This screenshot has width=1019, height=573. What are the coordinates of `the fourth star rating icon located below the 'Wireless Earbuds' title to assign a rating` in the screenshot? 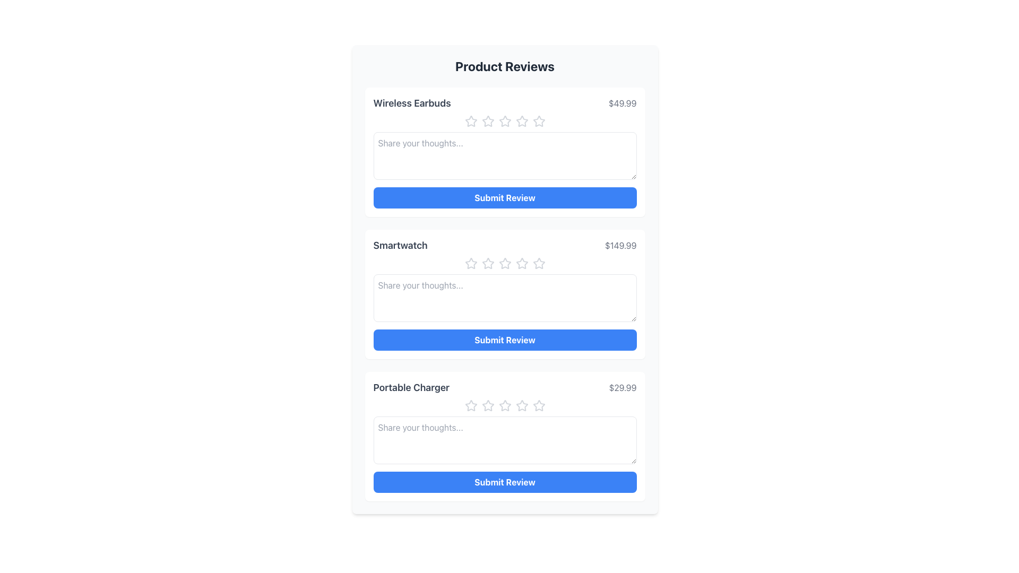 It's located at (522, 120).